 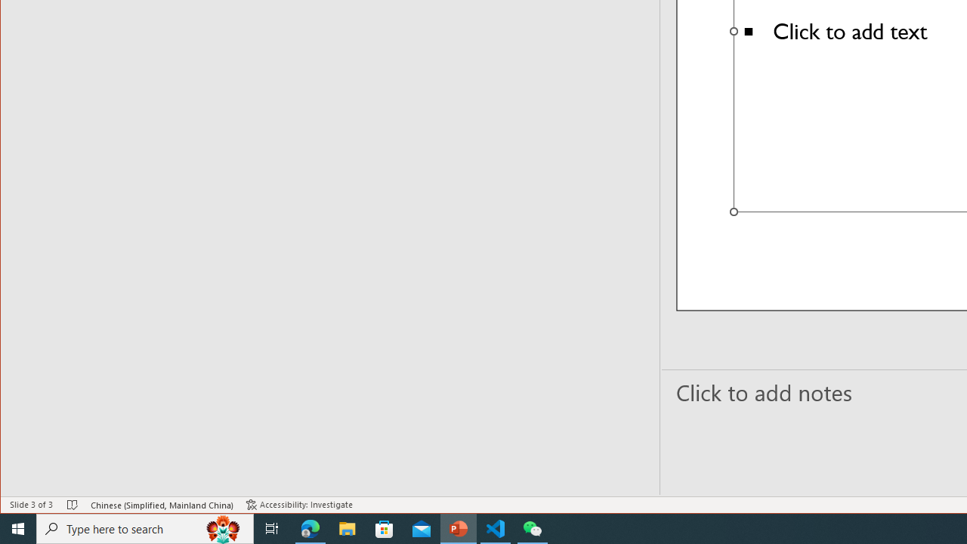 What do you see at coordinates (222, 527) in the screenshot?
I see `'Search highlights icon opens search home window'` at bounding box center [222, 527].